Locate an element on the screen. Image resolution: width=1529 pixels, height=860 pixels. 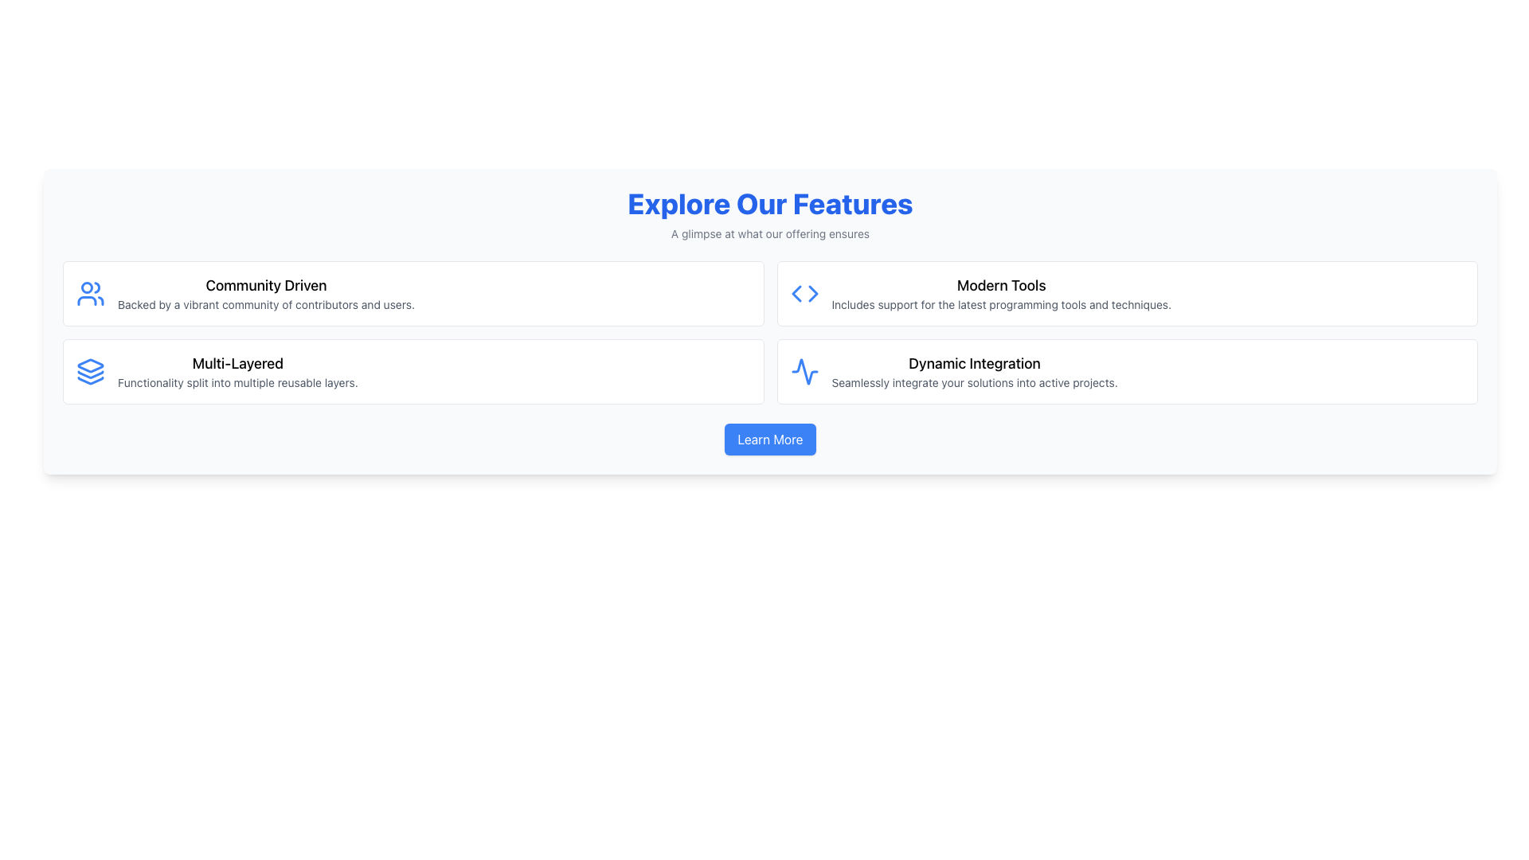
the Text Header element displaying 'Dynamic Integration', which is located in the right column of a two-column grid layout, positioned above a descriptive text is located at coordinates (974, 363).